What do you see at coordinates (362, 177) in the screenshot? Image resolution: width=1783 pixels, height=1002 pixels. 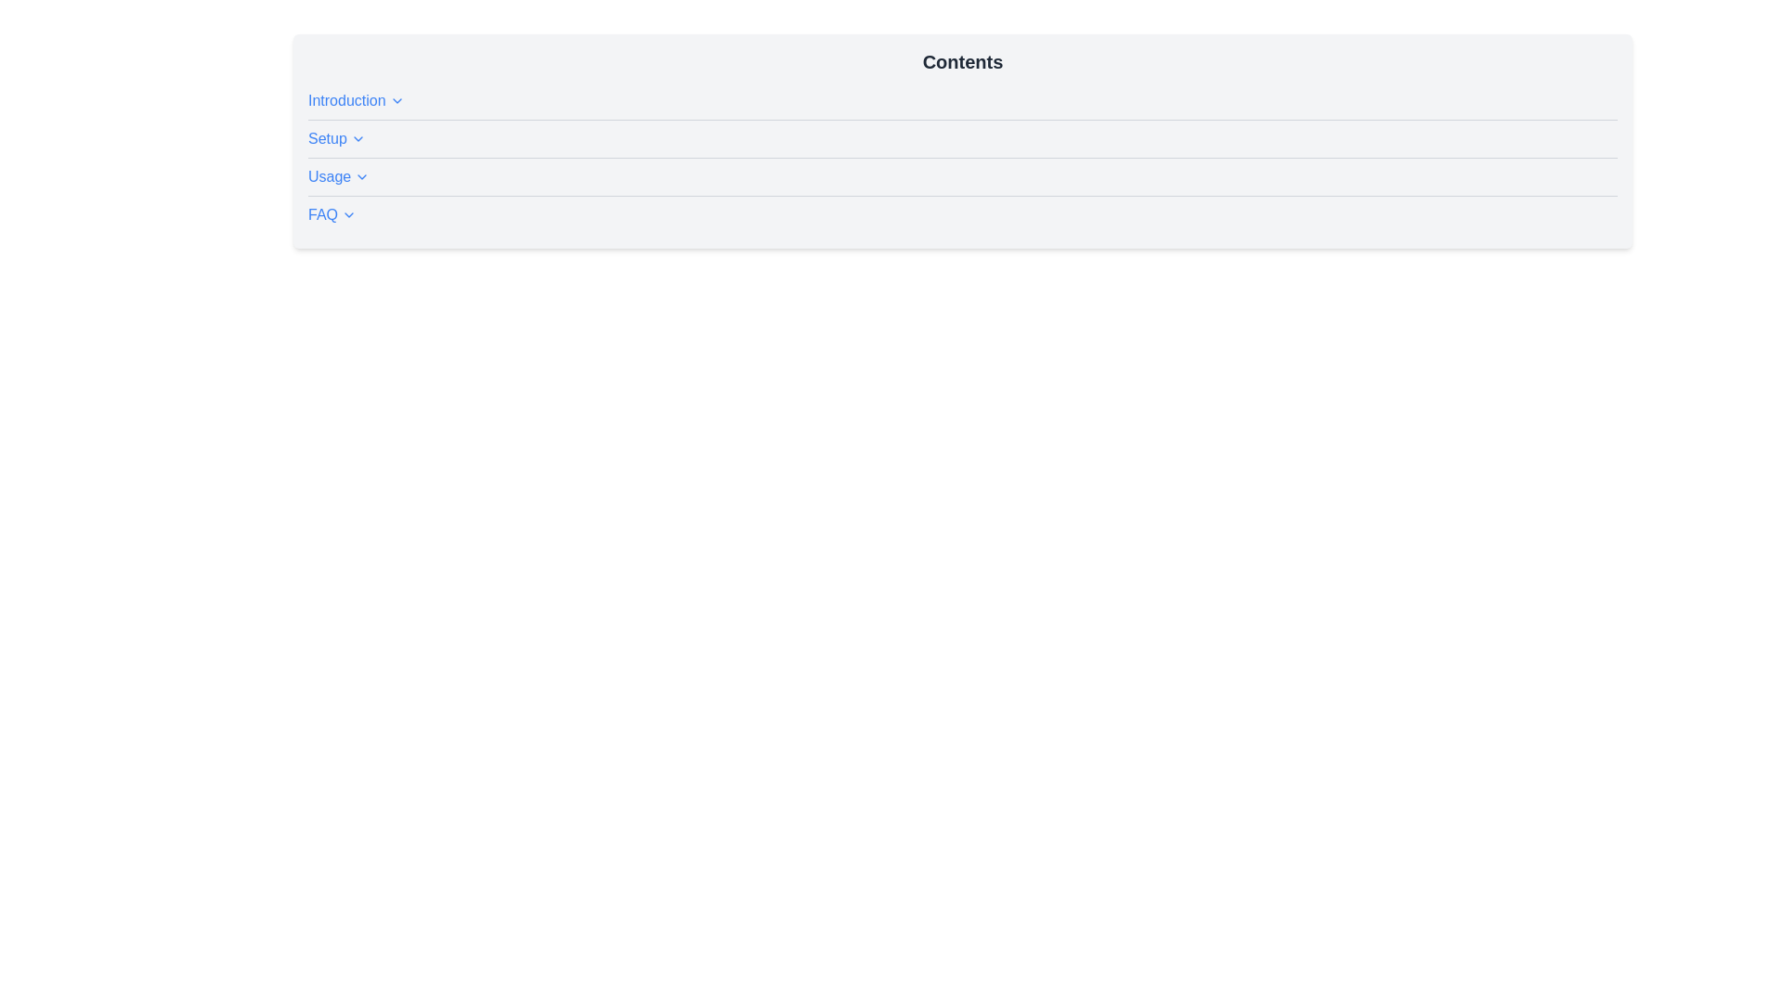 I see `the chevron icon indicating dropdown functionality for the 'Usage' section for accessibility navigation` at bounding box center [362, 177].